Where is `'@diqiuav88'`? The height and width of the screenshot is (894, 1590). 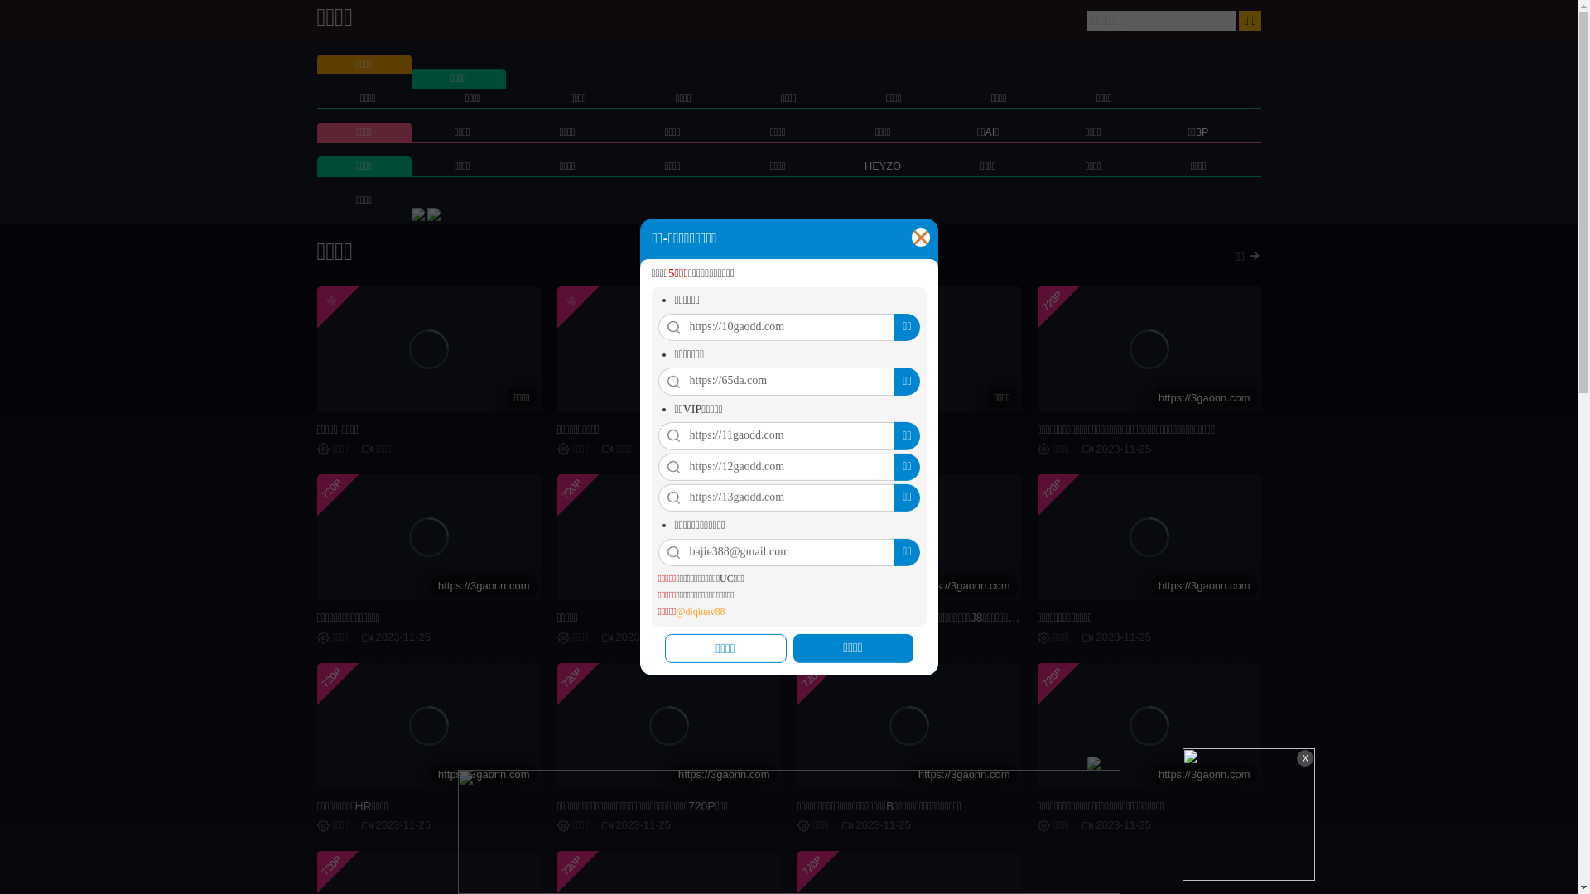
'@diqiuav88' is located at coordinates (700, 612).